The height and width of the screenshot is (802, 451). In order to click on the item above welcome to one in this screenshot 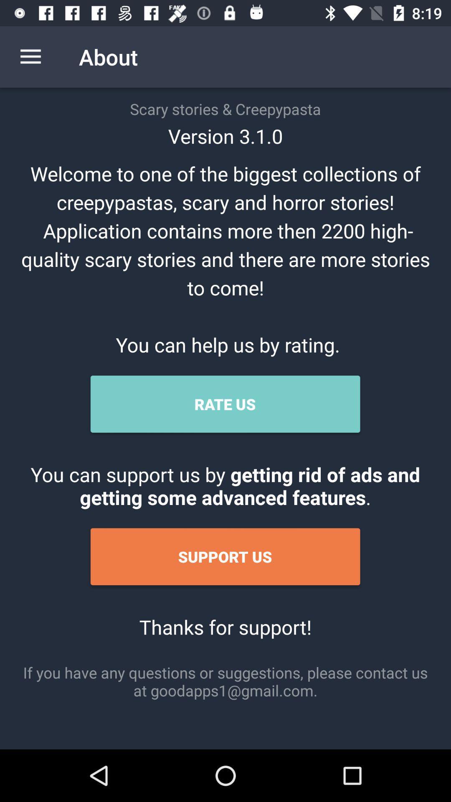, I will do `click(30, 56)`.